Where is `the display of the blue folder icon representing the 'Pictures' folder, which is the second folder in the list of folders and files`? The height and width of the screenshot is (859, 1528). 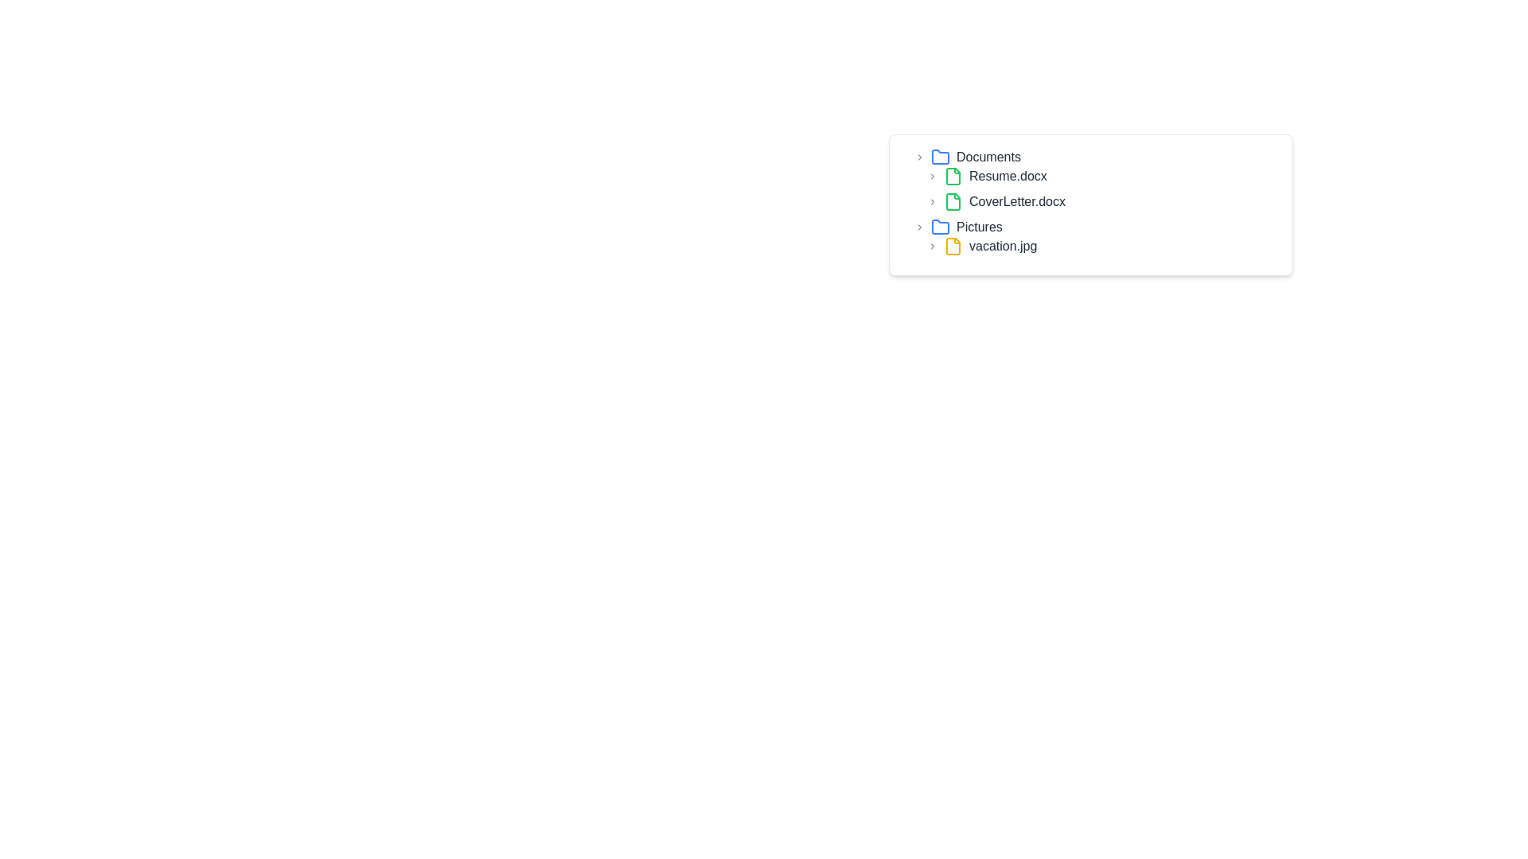 the display of the blue folder icon representing the 'Pictures' folder, which is the second folder in the list of folders and files is located at coordinates (940, 227).